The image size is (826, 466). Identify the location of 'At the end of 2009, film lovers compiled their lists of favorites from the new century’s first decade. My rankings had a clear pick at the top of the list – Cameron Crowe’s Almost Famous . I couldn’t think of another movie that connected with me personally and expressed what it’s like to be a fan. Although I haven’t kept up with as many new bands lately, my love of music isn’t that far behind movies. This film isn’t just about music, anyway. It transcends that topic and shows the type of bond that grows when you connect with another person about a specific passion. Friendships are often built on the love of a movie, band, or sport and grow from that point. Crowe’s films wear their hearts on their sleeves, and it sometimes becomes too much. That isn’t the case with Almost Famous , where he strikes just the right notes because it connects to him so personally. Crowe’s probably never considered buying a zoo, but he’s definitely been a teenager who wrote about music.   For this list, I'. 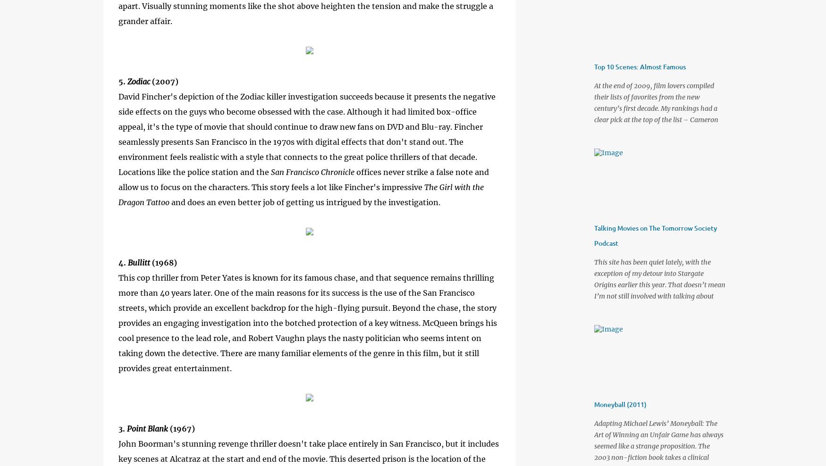
(593, 216).